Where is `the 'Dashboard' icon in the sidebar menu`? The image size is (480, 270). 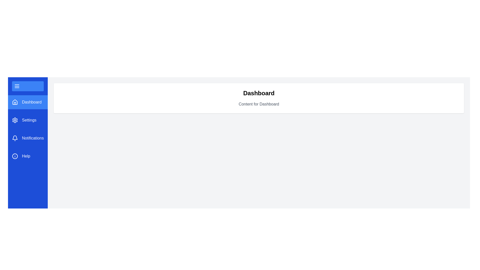
the 'Dashboard' icon in the sidebar menu is located at coordinates (15, 102).